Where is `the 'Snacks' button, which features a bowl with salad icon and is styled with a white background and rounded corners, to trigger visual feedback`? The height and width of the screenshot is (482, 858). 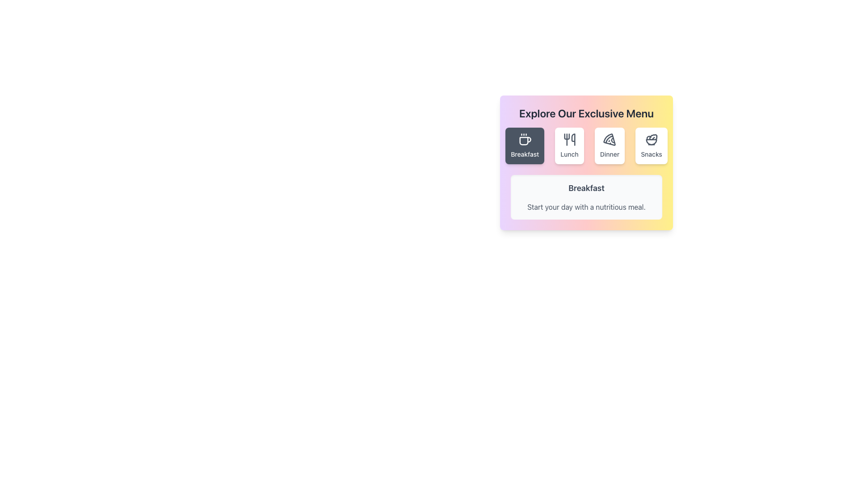 the 'Snacks' button, which features a bowl with salad icon and is styled with a white background and rounded corners, to trigger visual feedback is located at coordinates (652, 145).